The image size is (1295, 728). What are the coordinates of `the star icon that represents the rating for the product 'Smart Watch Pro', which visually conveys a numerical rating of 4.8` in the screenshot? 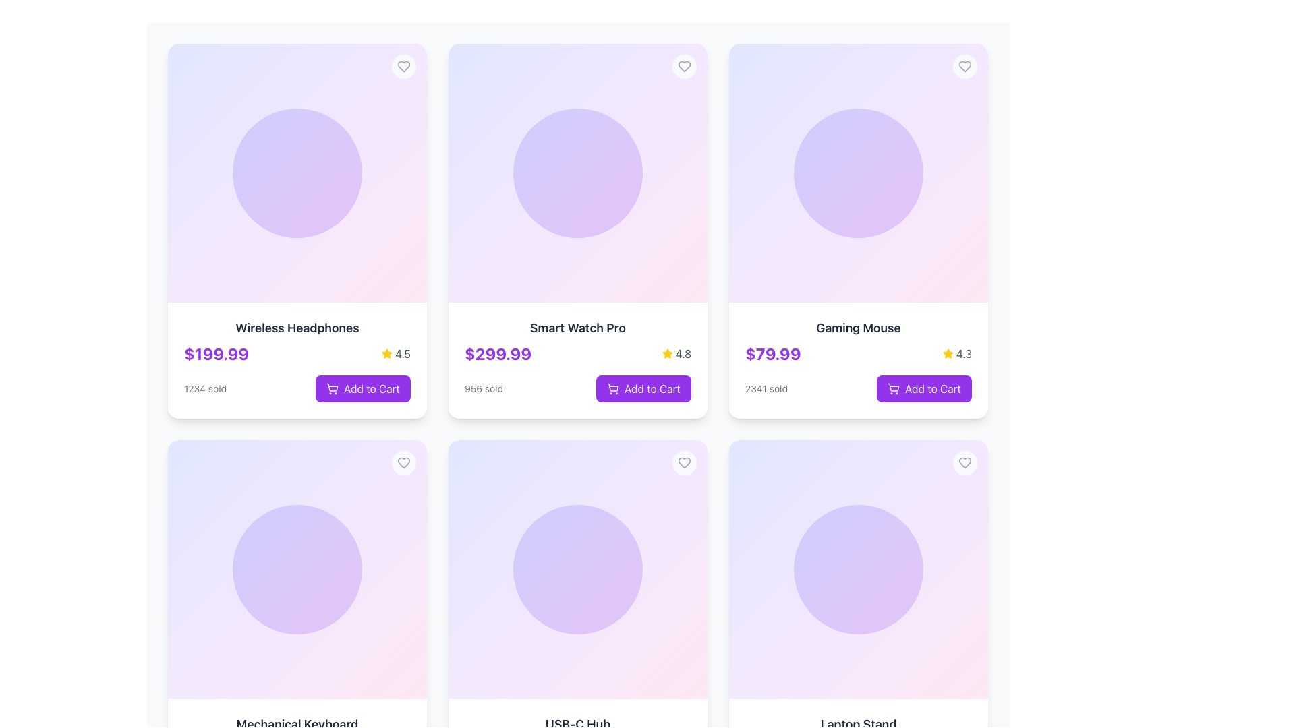 It's located at (667, 353).